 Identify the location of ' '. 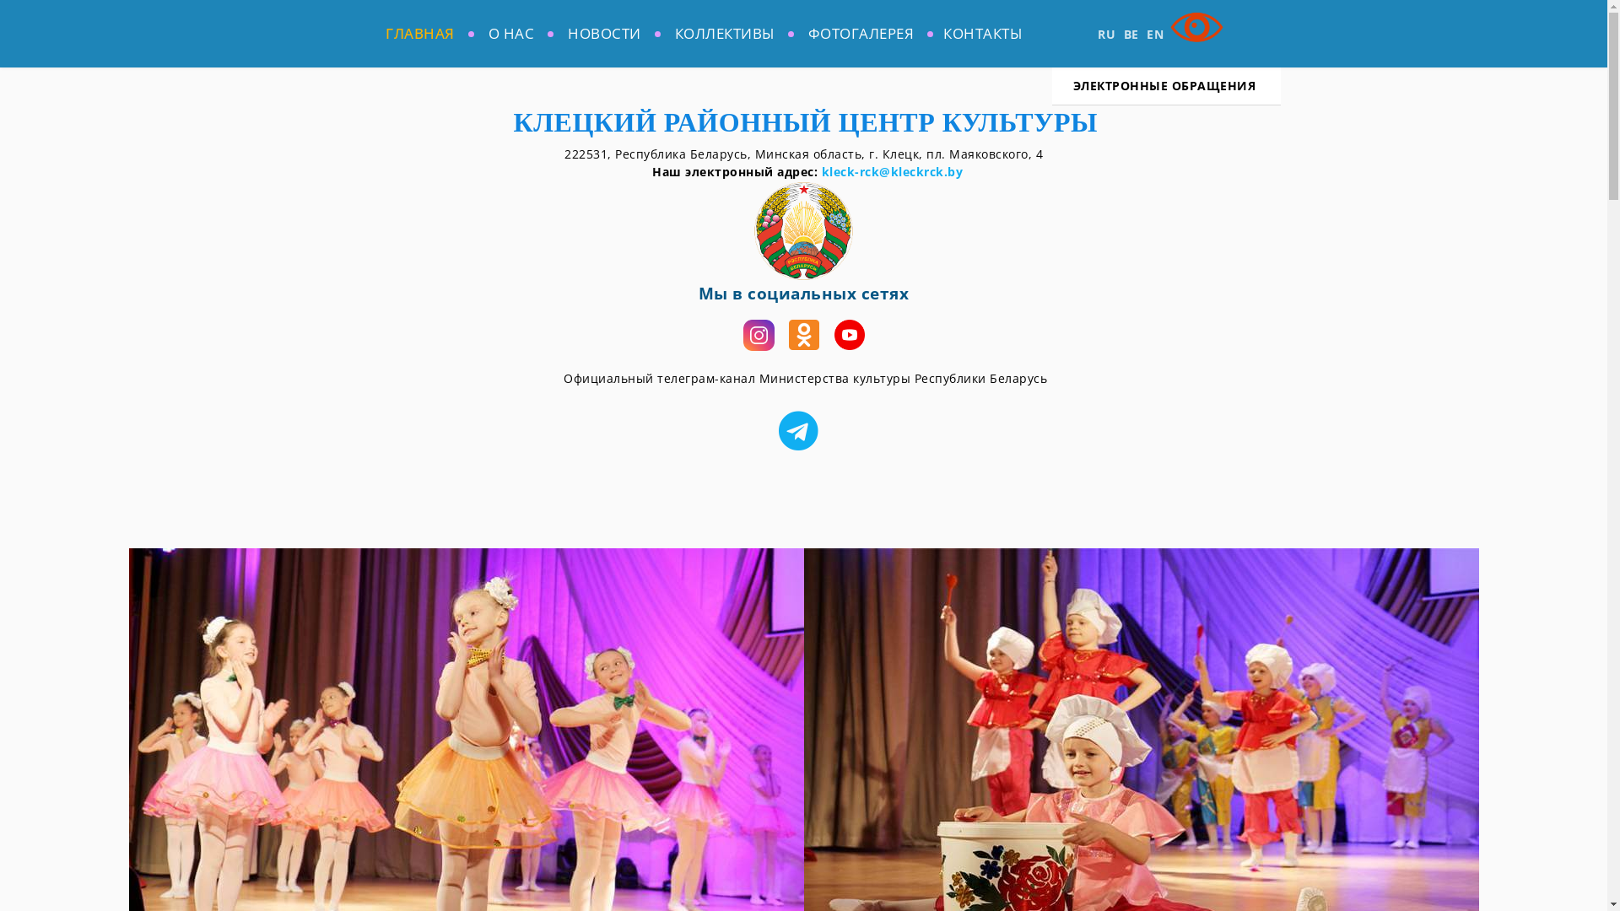
(802, 429).